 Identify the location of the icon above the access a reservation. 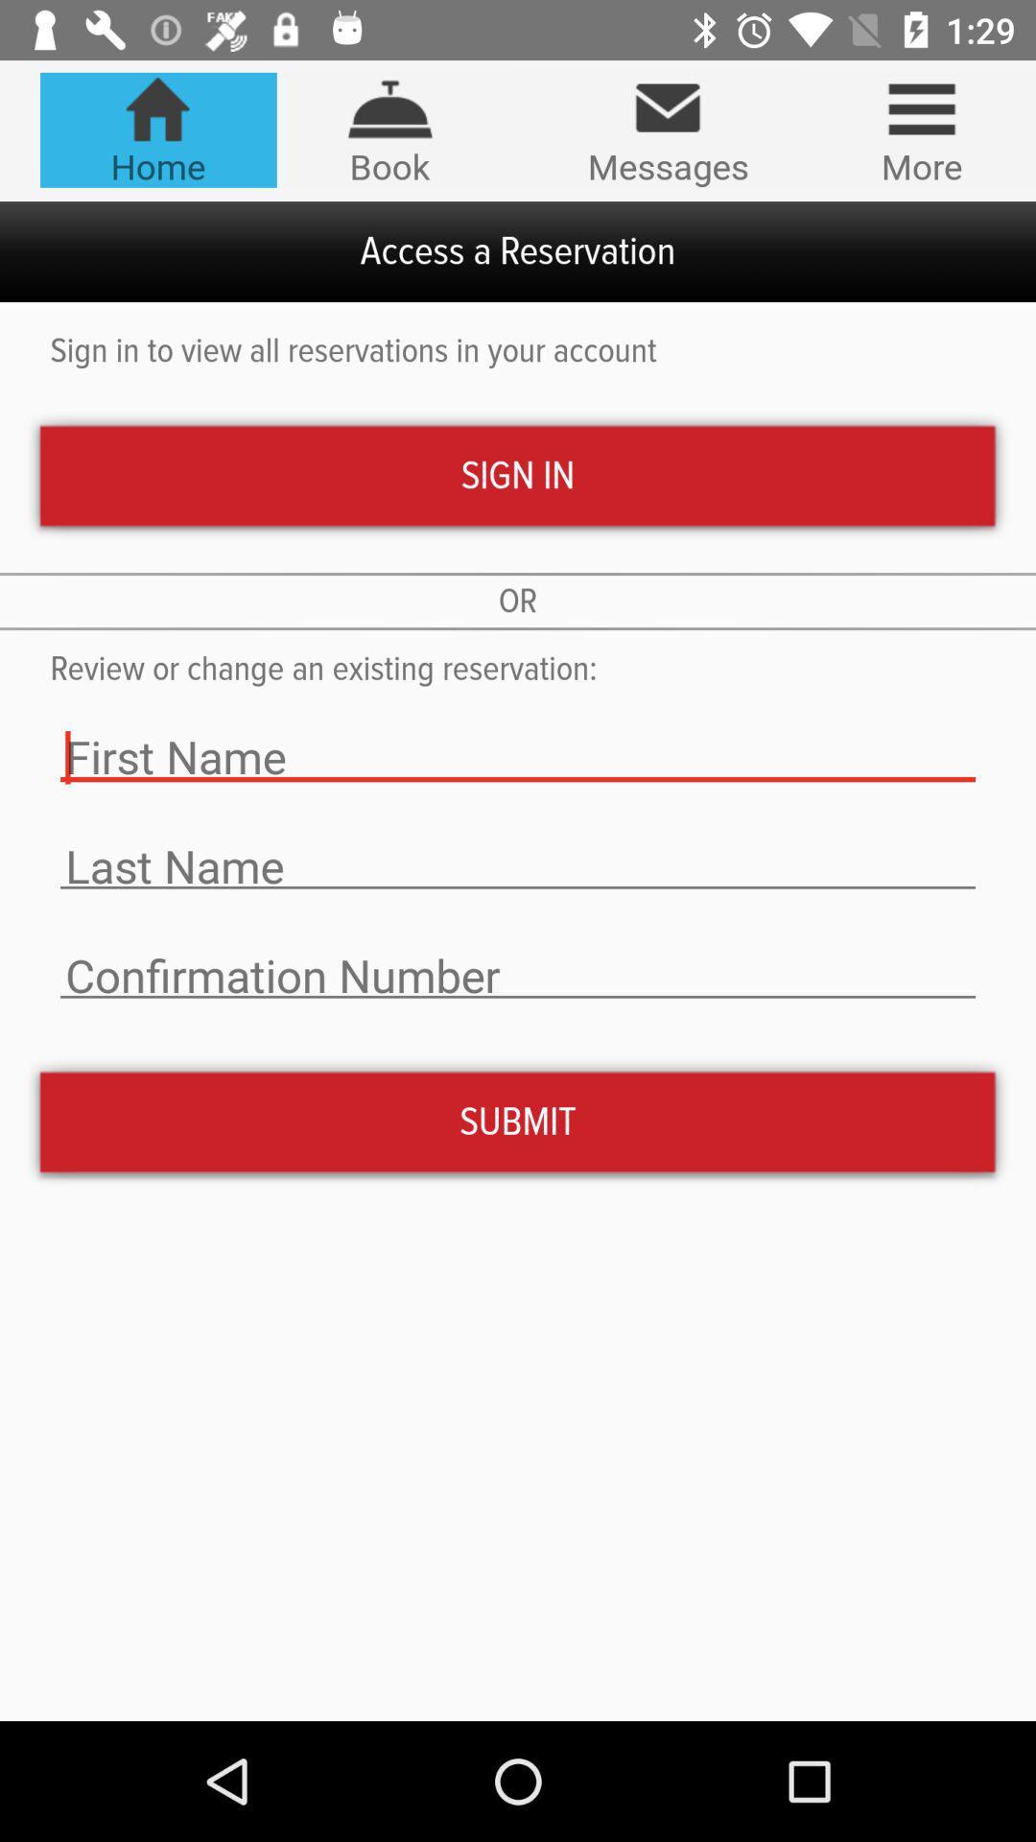
(157, 129).